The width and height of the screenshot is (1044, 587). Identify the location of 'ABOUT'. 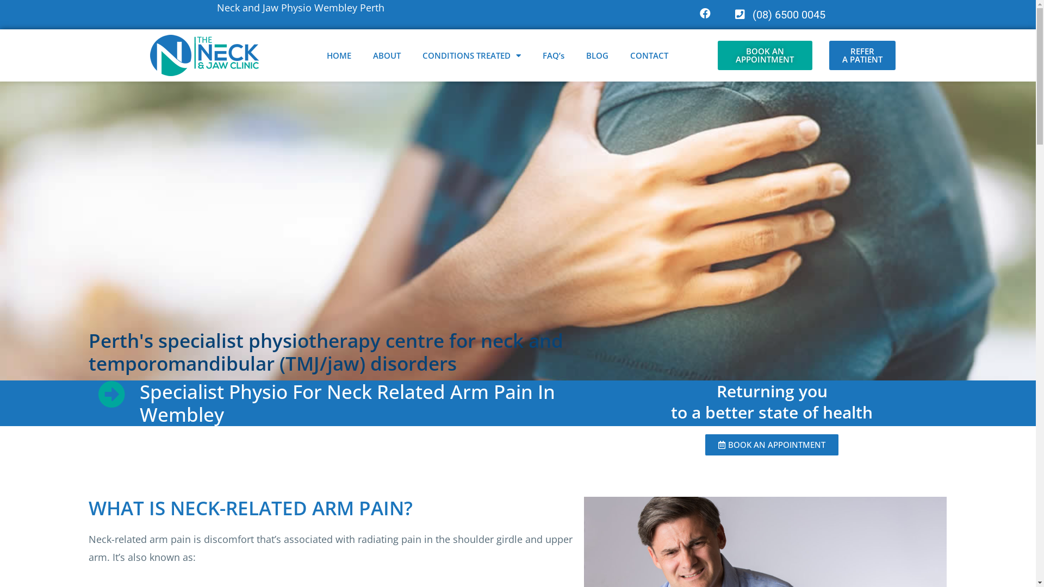
(387, 55).